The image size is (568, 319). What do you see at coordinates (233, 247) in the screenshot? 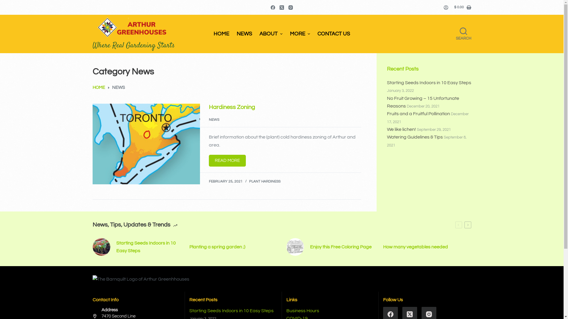
I see `'Planting a spring garden ;)'` at bounding box center [233, 247].